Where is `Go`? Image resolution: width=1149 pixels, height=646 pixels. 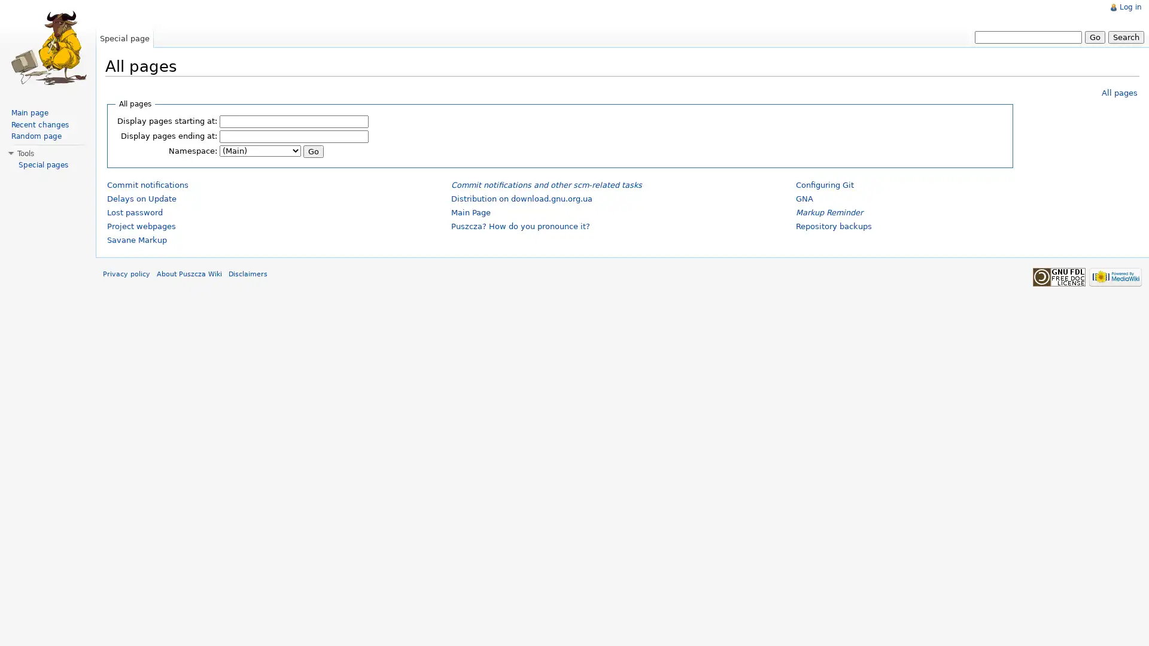 Go is located at coordinates (313, 150).